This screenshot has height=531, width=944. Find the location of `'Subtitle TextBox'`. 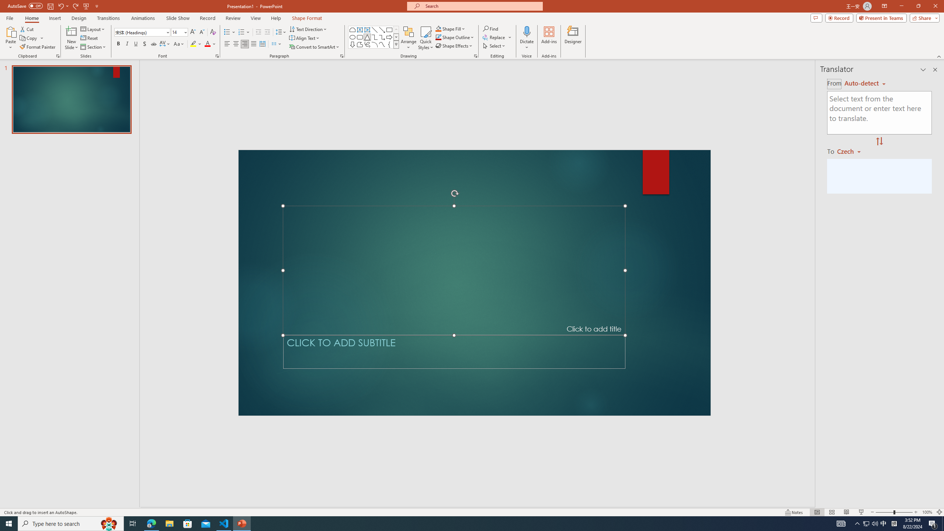

'Subtitle TextBox' is located at coordinates (454, 351).